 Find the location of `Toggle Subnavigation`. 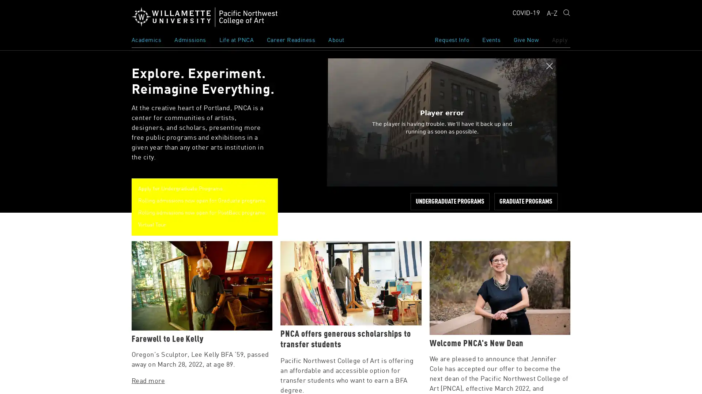

Toggle Subnavigation is located at coordinates (290, 41).